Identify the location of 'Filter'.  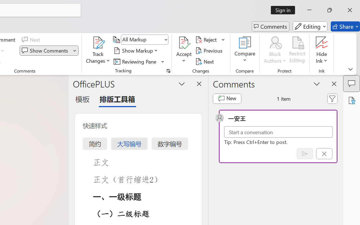
(332, 98).